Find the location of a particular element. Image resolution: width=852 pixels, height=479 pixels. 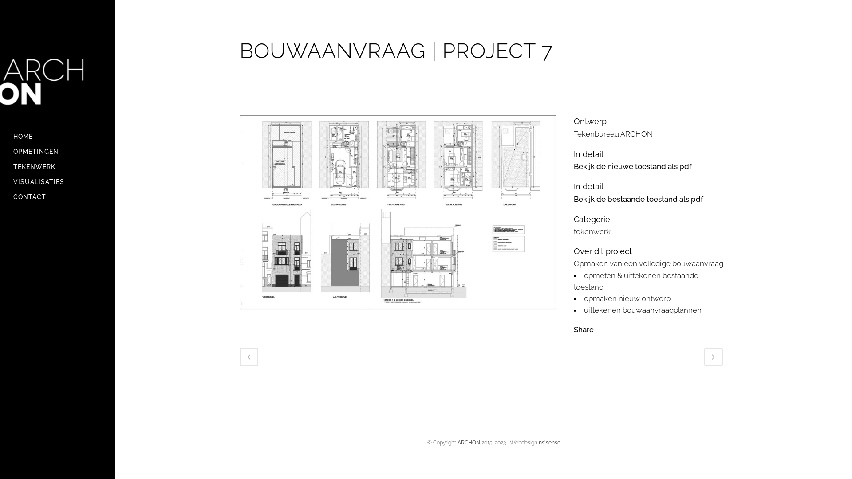

'ARCHON' is located at coordinates (468, 443).